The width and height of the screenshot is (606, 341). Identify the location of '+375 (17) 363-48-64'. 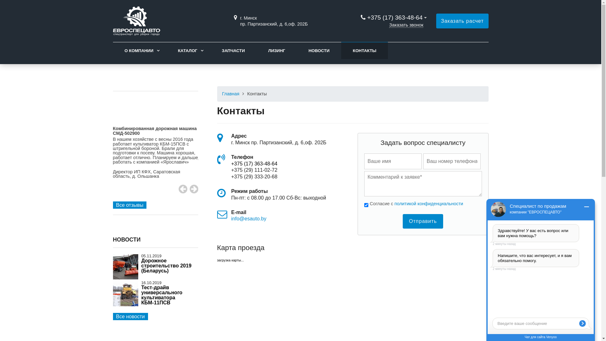
(394, 17).